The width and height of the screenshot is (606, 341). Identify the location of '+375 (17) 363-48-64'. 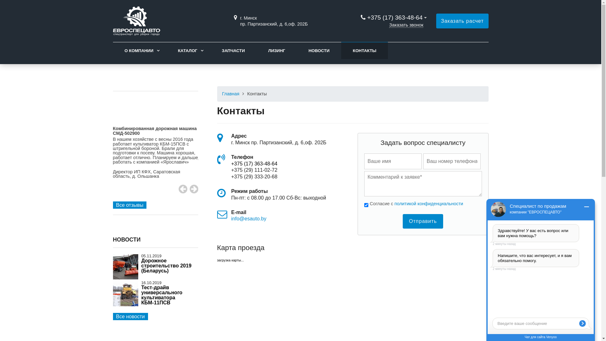
(394, 17).